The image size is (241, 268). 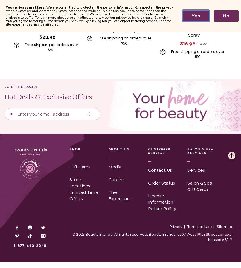 What do you see at coordinates (199, 185) in the screenshot?
I see `'Salon & Spa Gift Cards'` at bounding box center [199, 185].